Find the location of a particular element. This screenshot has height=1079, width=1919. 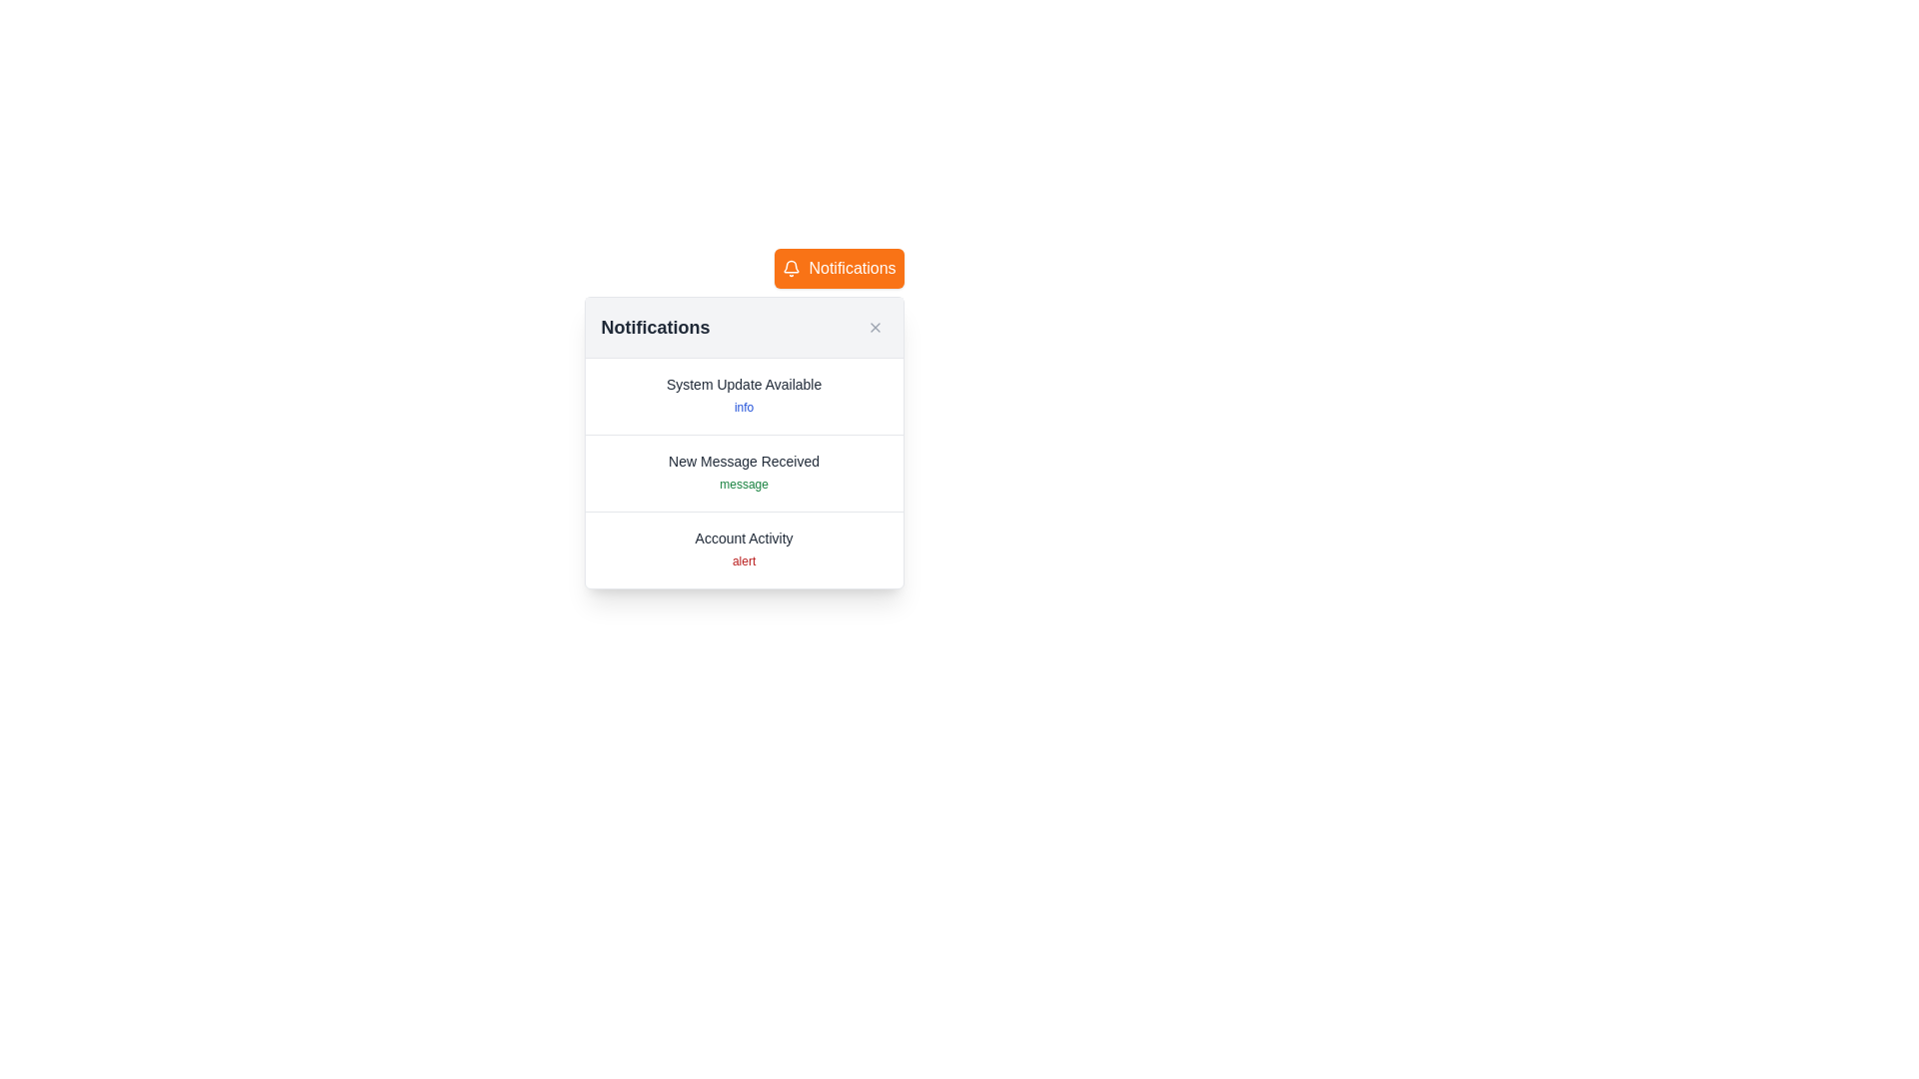

the informational Text label located under the 'System Update Available' notification in the dropdown panel is located at coordinates (743, 407).